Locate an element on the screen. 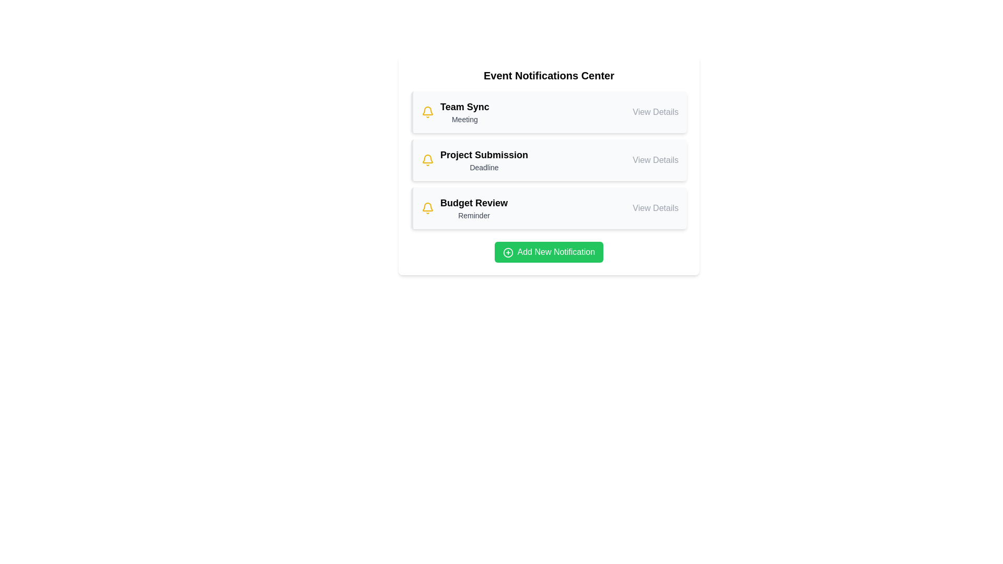 The image size is (1003, 564). the text block of the first notification item containing the title 'Team Sync' and the text 'Meeting', located under 'Event Notifications Center' is located at coordinates (464, 112).